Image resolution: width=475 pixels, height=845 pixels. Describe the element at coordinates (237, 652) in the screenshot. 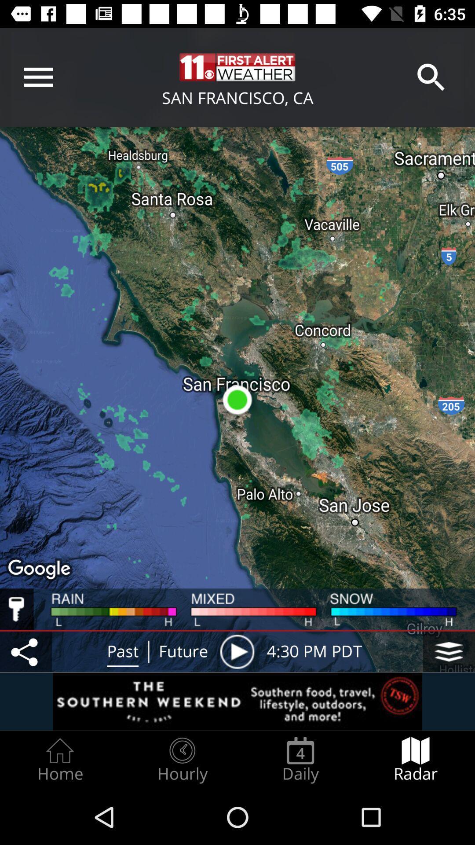

I see `play button behind the future  icon` at that location.